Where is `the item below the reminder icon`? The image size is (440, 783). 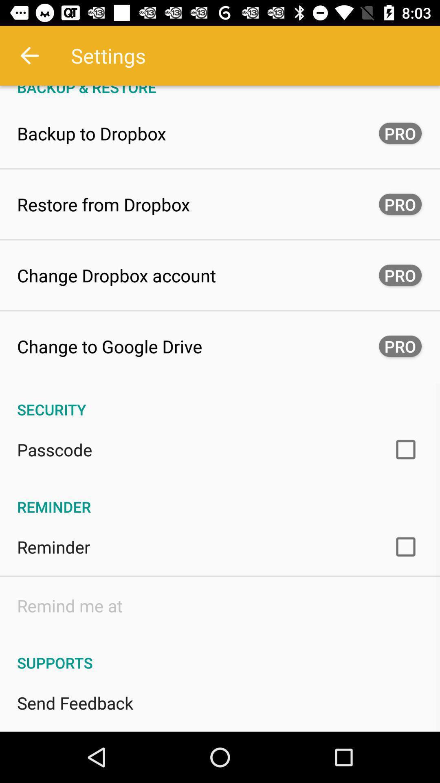 the item below the reminder icon is located at coordinates (69, 605).